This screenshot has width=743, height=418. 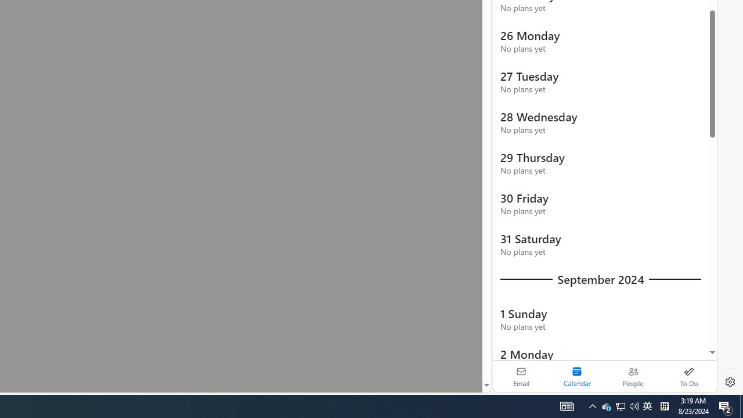 What do you see at coordinates (521, 376) in the screenshot?
I see `'Email'` at bounding box center [521, 376].